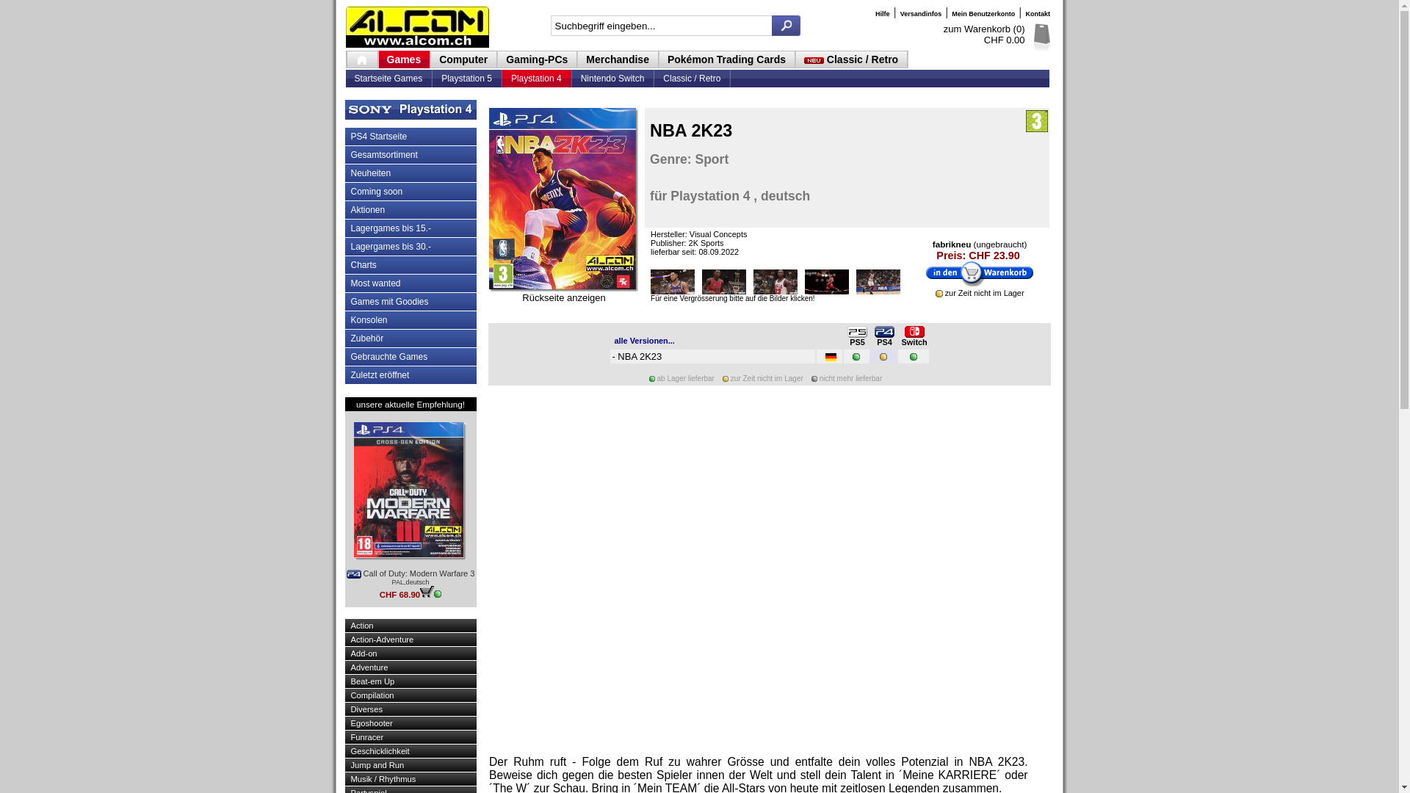 The image size is (1410, 793). What do you see at coordinates (344, 209) in the screenshot?
I see `'Aktionen'` at bounding box center [344, 209].